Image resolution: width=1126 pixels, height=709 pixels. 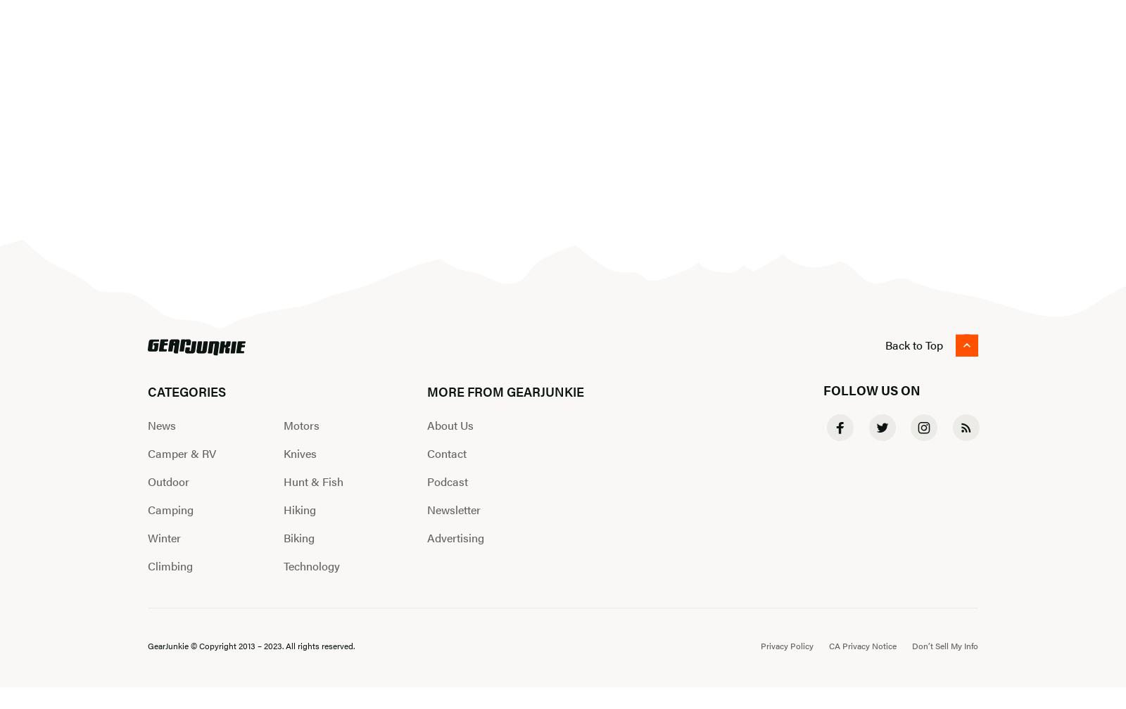 What do you see at coordinates (161, 424) in the screenshot?
I see `'News'` at bounding box center [161, 424].